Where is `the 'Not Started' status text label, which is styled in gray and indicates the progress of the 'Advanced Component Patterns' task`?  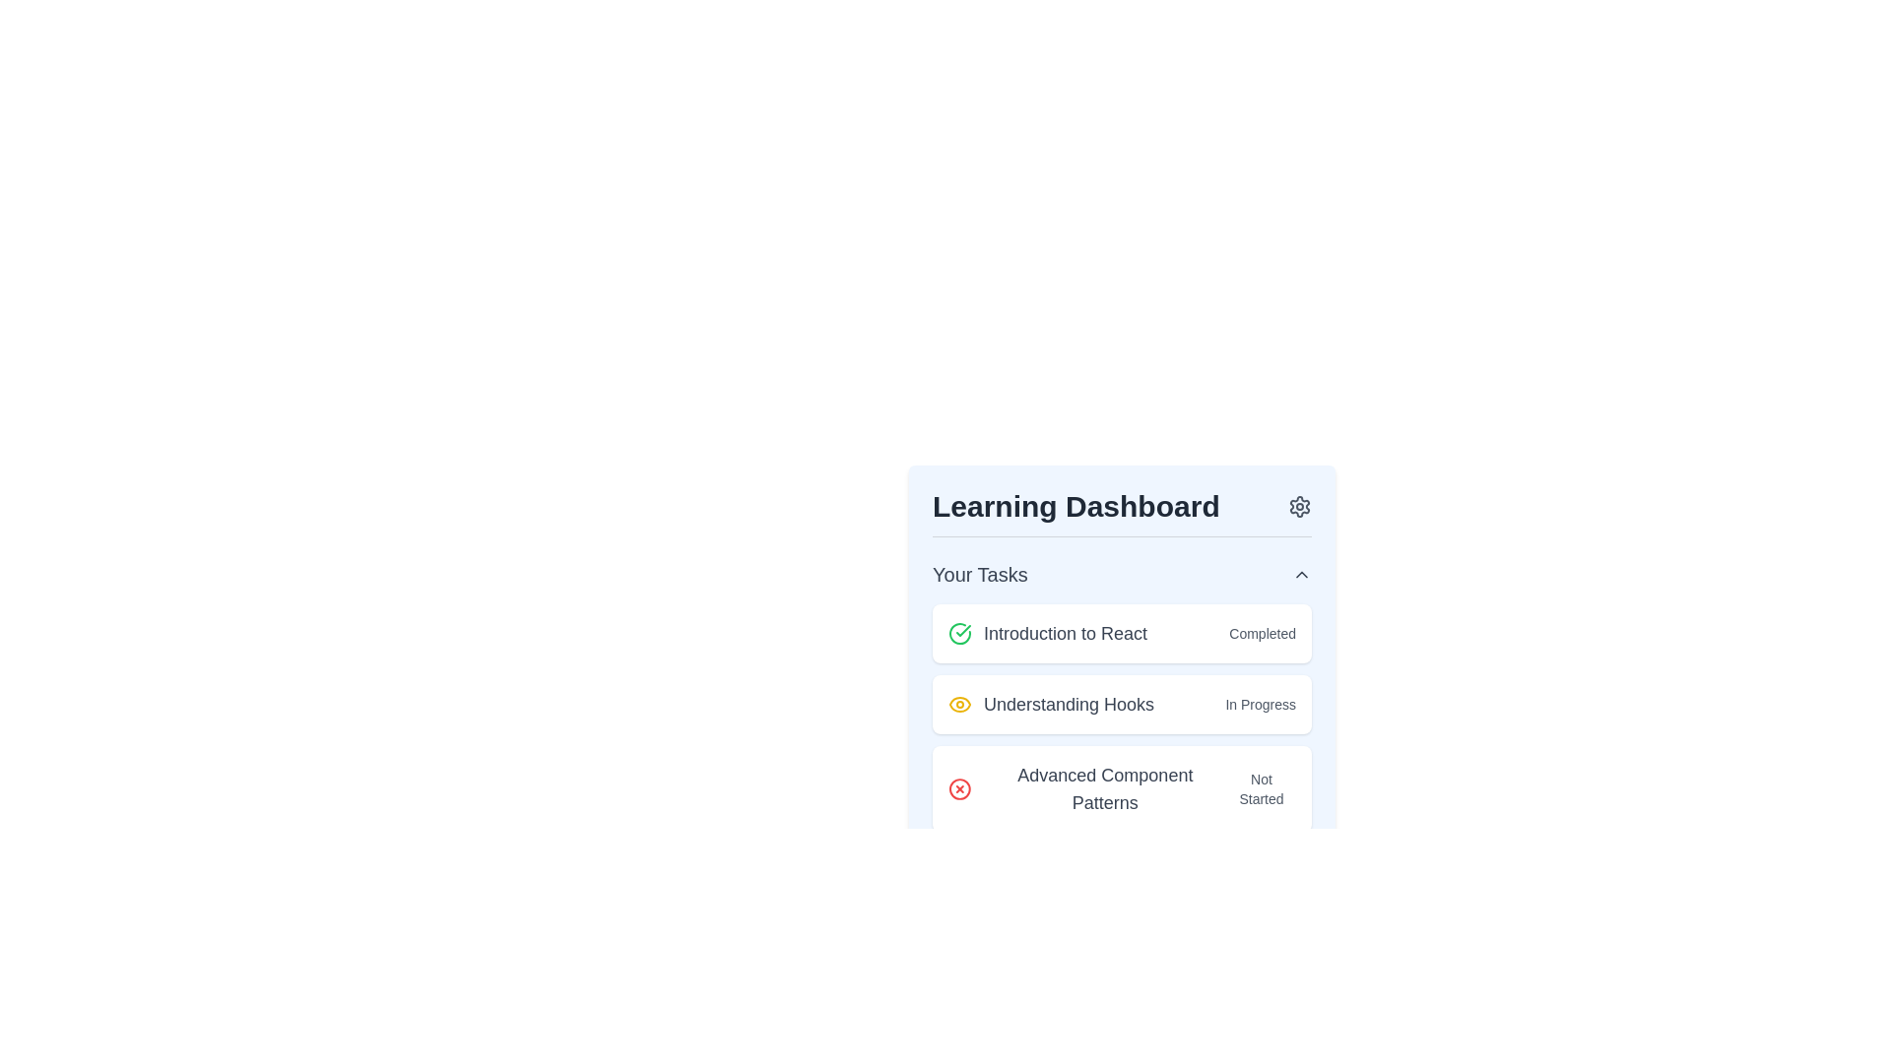 the 'Not Started' status text label, which is styled in gray and indicates the progress of the 'Advanced Component Patterns' task is located at coordinates (1262, 788).